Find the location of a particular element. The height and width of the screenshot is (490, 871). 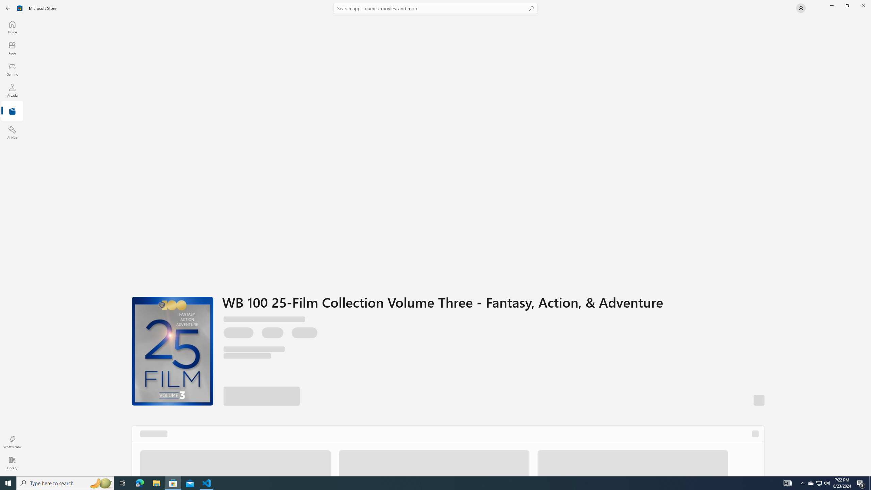

'User profile' is located at coordinates (800, 7).